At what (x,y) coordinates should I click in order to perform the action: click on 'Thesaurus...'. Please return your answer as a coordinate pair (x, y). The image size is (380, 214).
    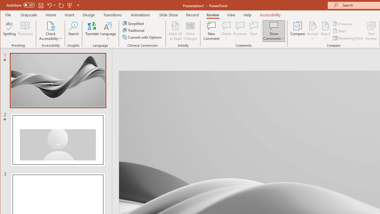
    Looking at the image, I should click on (25, 31).